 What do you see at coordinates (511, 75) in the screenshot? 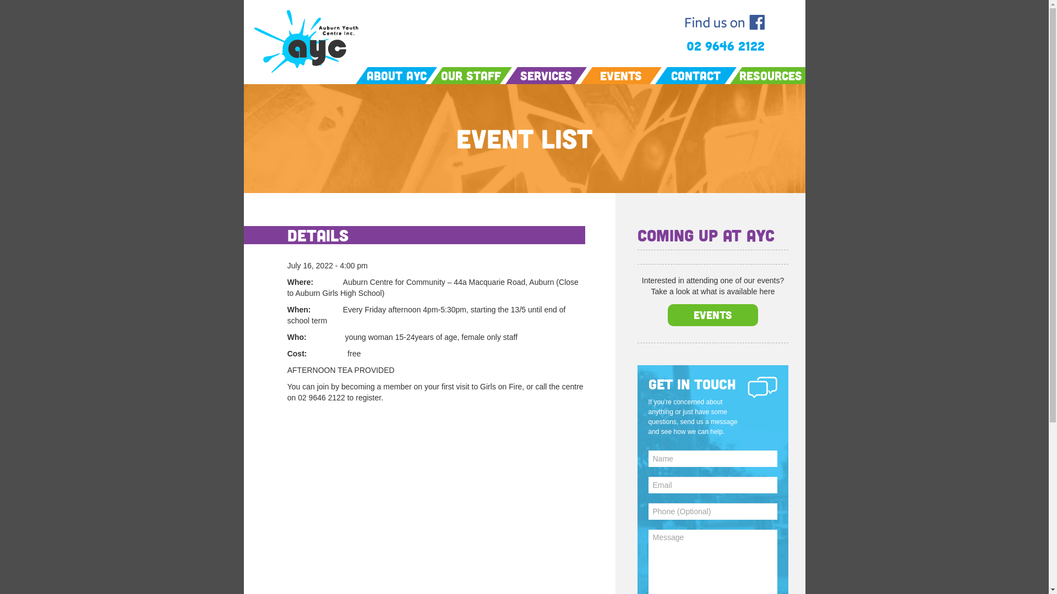
I see `'Services'` at bounding box center [511, 75].